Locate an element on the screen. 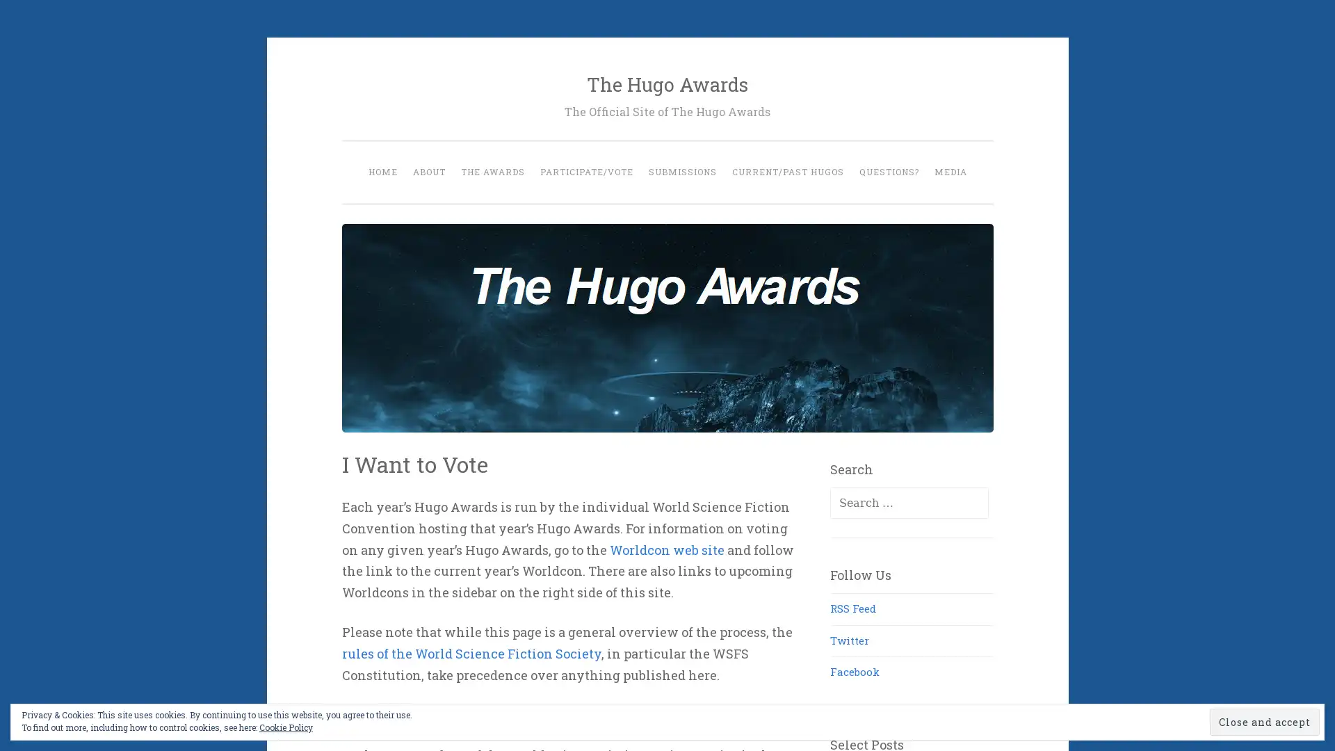  Close and accept is located at coordinates (1265, 721).